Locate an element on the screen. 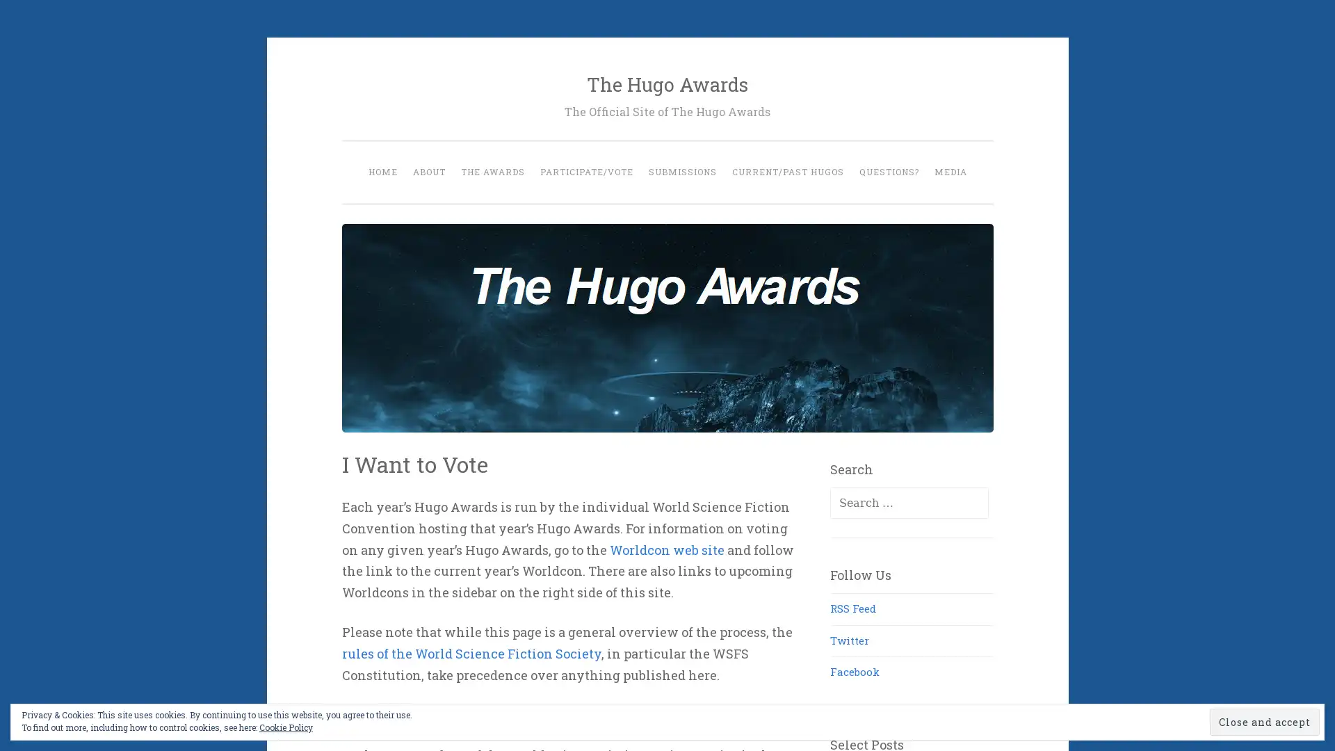  Close and accept is located at coordinates (1265, 721).